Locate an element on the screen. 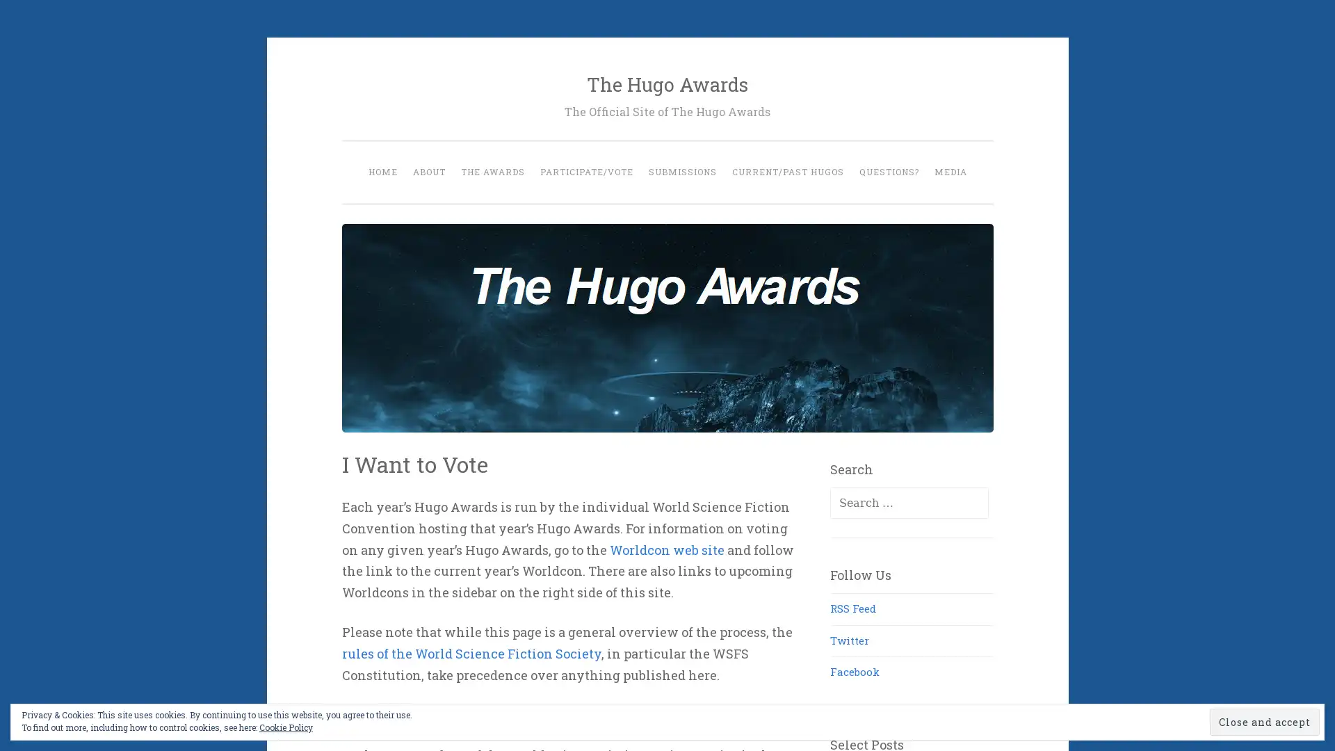  Close and accept is located at coordinates (1265, 721).